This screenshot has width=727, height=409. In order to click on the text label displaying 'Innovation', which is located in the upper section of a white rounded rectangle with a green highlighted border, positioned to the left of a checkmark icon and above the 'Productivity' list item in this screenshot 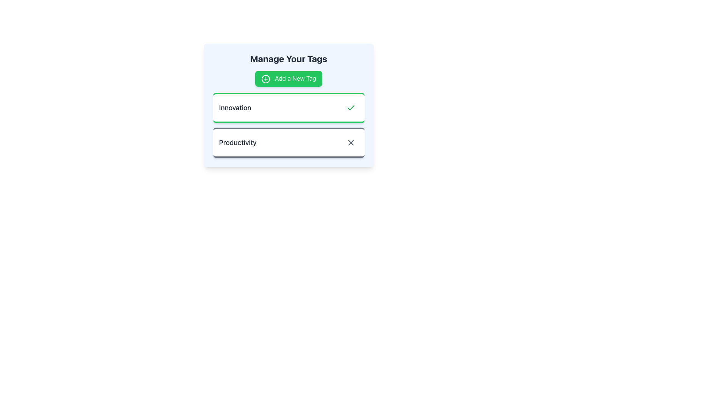, I will do `click(235, 108)`.